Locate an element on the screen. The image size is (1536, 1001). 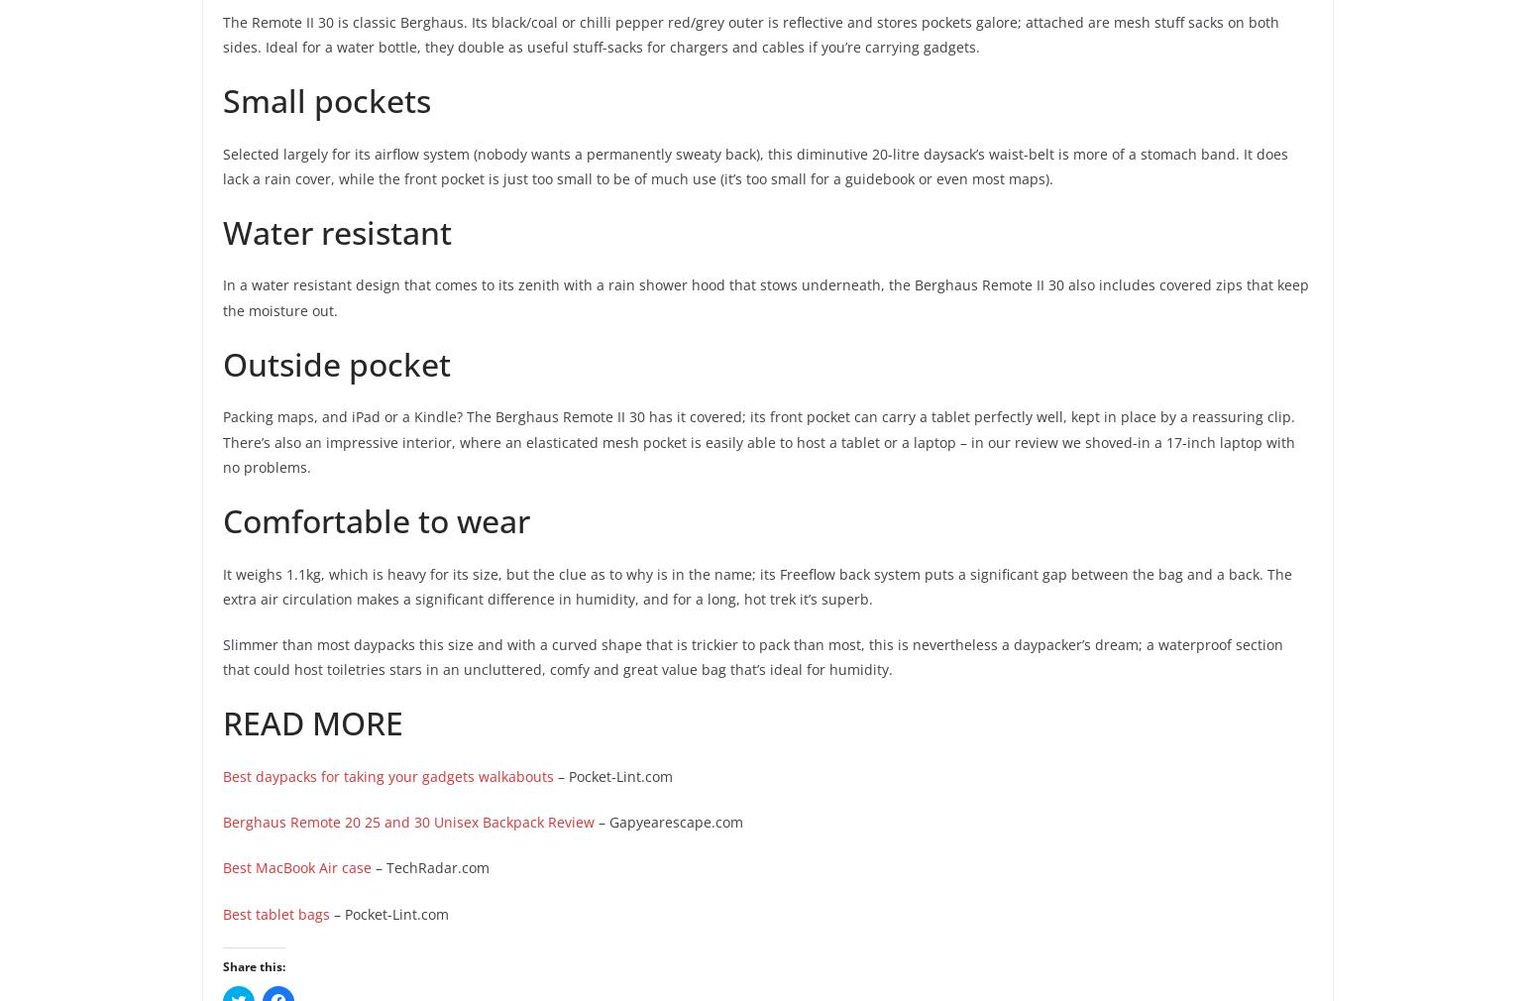
'The Remote II 30 is classic Berghaus. Its black/coal or chilli pepper red/grey outer is reflective and stores pockets galore; attached are mesh stuff sacks on both sides. Ideal for a water bottle, they double as useful stuff-sacks for chargers and cables if you’re carrying gadgets.' is located at coordinates (750, 33).